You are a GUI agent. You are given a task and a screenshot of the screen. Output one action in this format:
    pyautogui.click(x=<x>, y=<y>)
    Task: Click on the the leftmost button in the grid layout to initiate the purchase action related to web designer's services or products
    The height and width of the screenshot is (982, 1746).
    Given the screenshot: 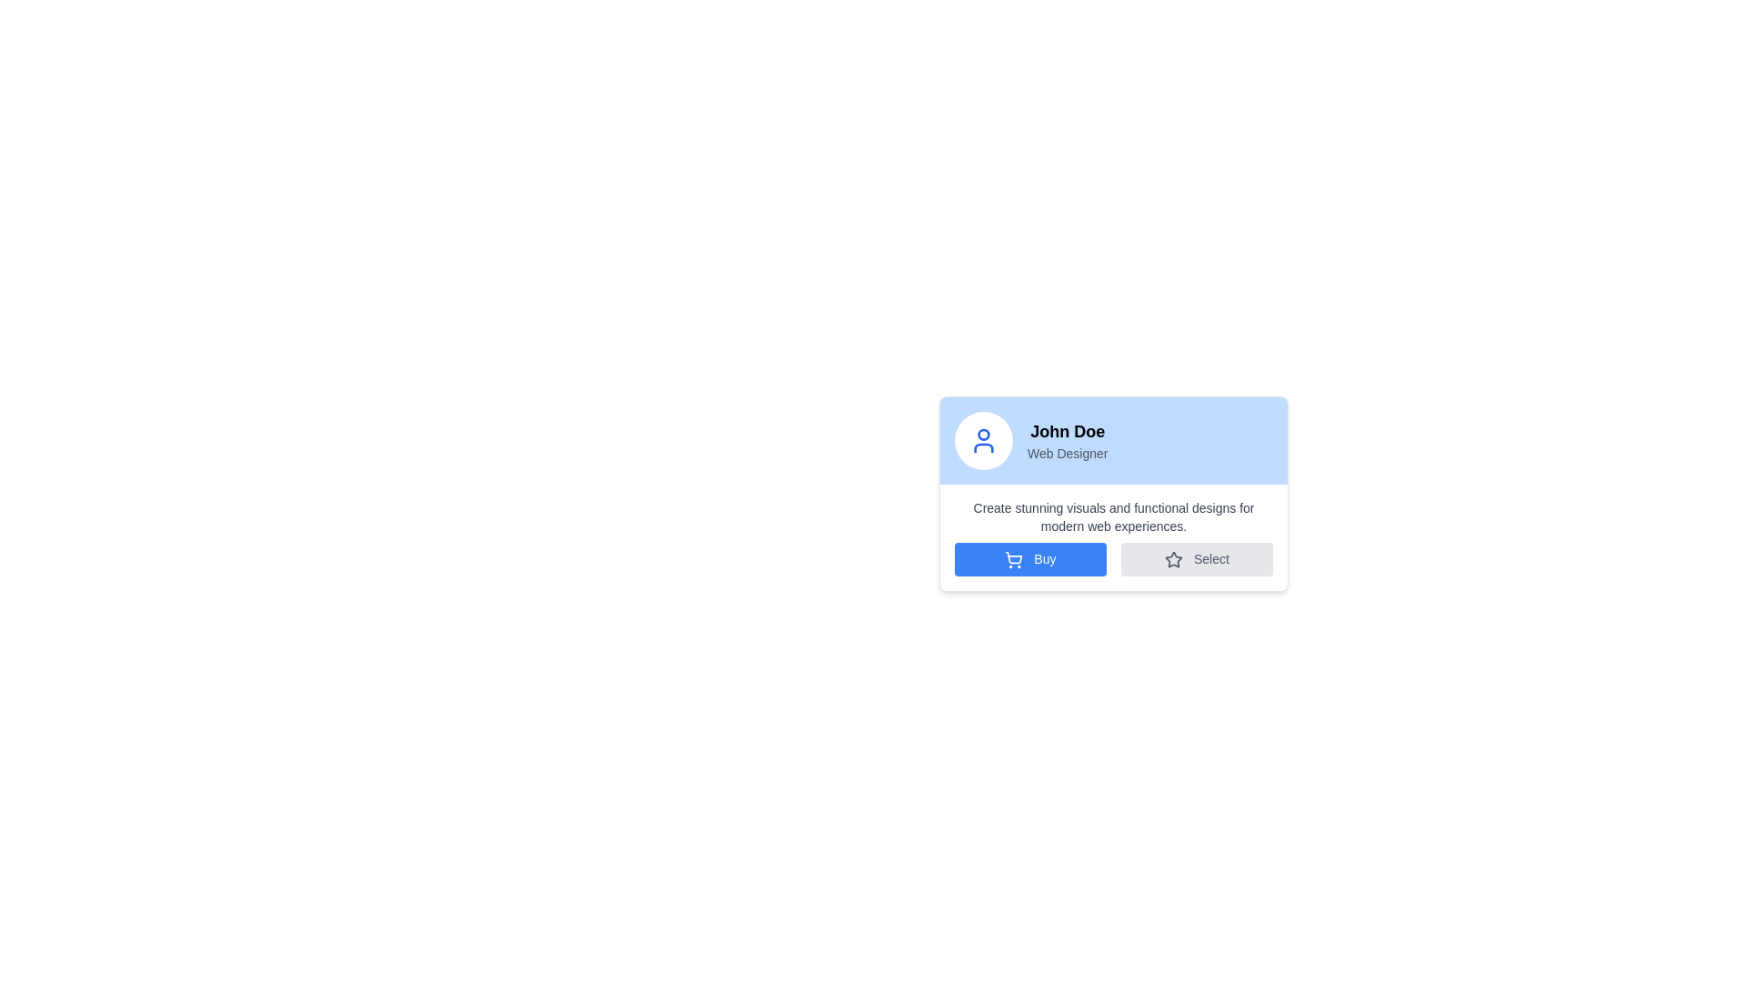 What is the action you would take?
    pyautogui.click(x=1030, y=558)
    